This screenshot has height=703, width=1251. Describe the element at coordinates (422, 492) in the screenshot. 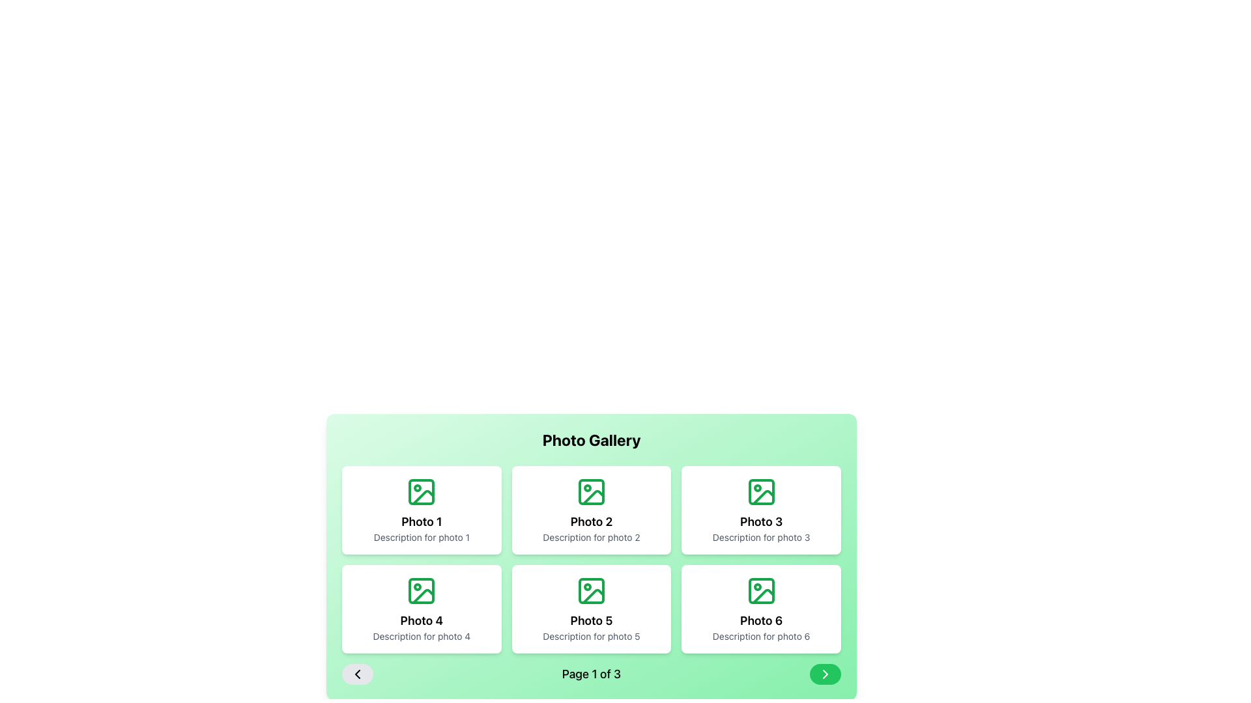

I see `the 'Photo 1' icon in the gallery to interact with the corresponding entry` at that location.